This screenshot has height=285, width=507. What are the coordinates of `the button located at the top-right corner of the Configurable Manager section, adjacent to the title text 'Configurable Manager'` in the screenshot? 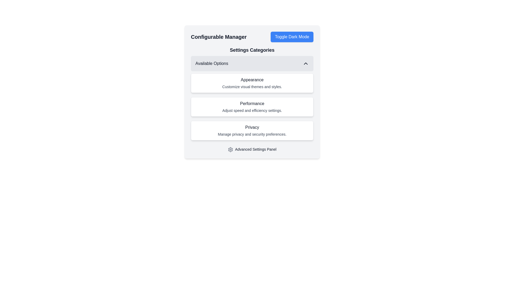 It's located at (292, 36).